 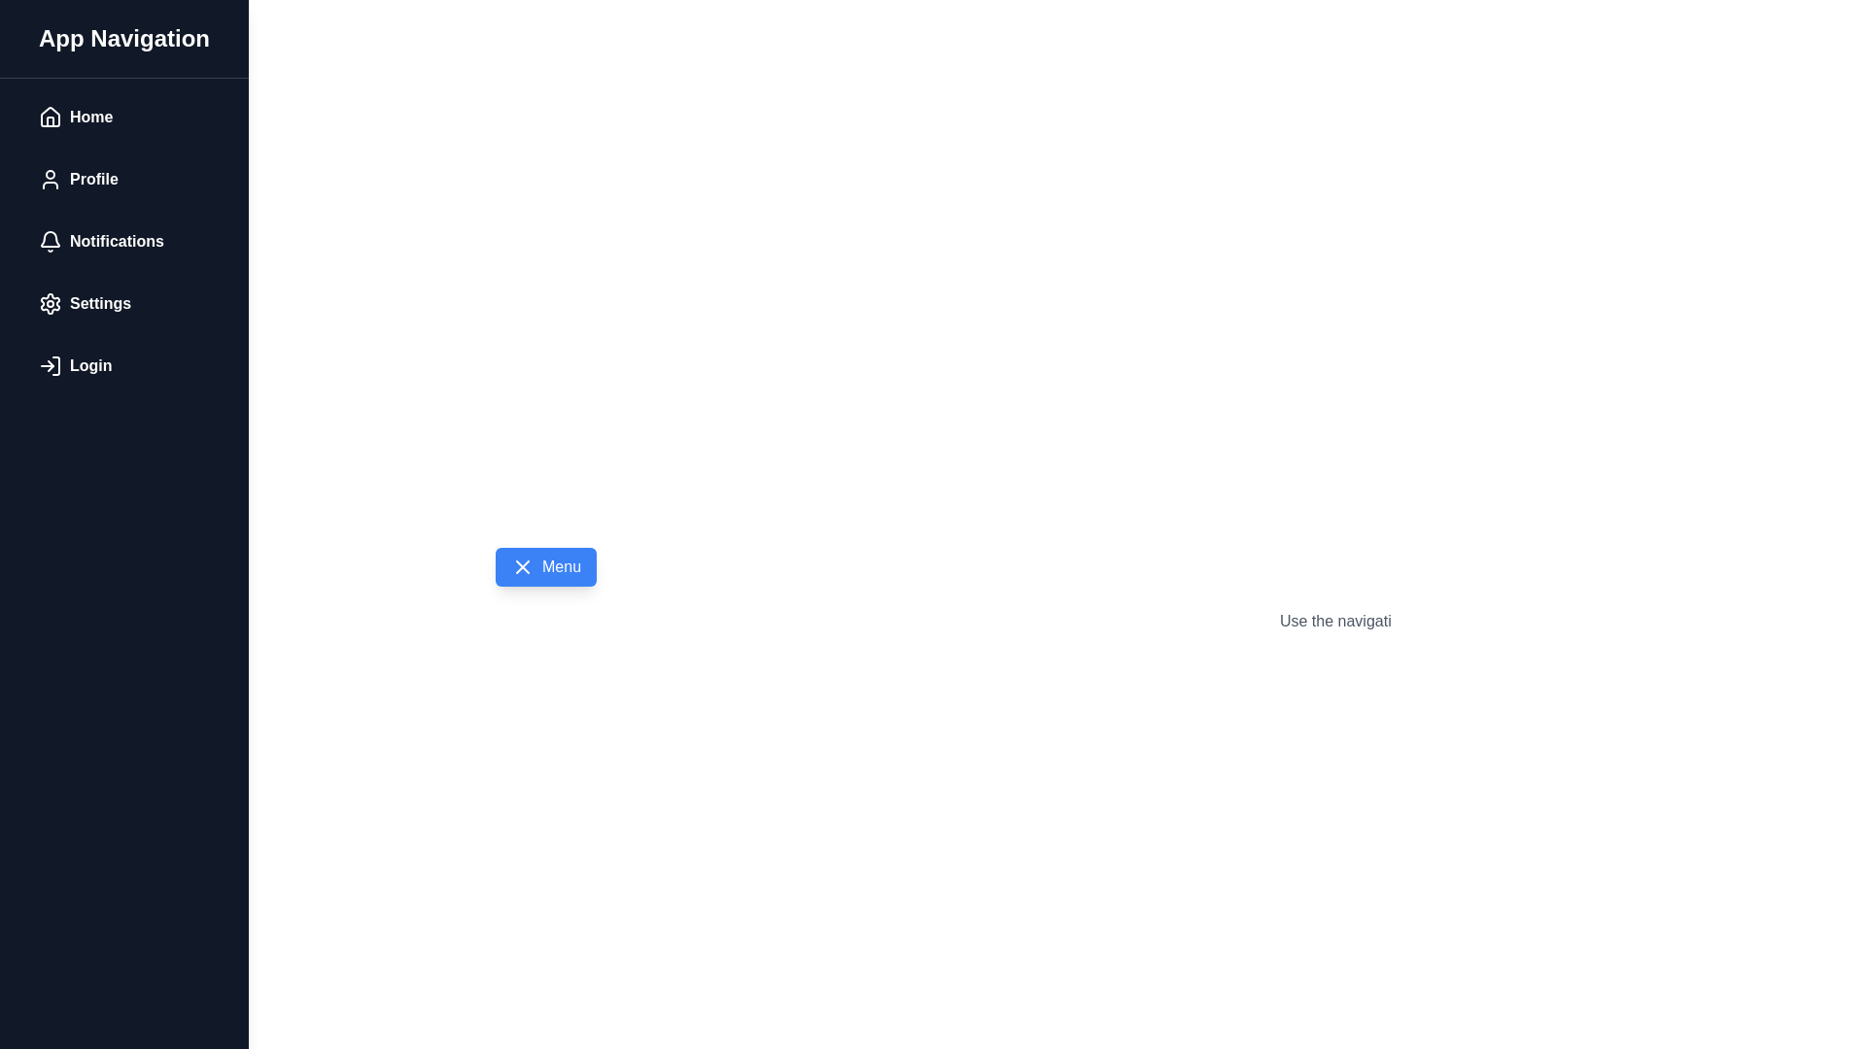 What do you see at coordinates (51, 303) in the screenshot?
I see `the settings icon located in the side navigation panel, positioned to the left and slightly above the 'Settings' label` at bounding box center [51, 303].